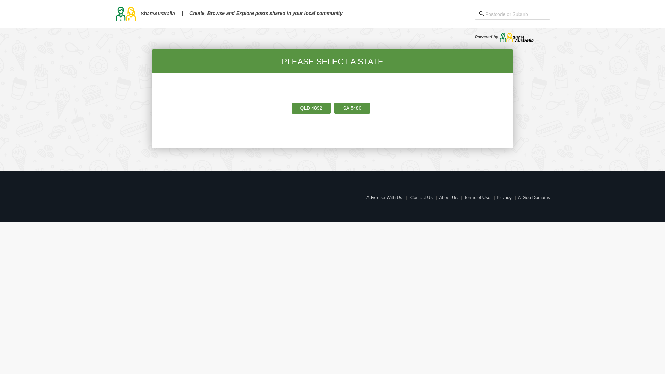 The image size is (665, 374). Describe the element at coordinates (504, 37) in the screenshot. I see `'Powered by'` at that location.